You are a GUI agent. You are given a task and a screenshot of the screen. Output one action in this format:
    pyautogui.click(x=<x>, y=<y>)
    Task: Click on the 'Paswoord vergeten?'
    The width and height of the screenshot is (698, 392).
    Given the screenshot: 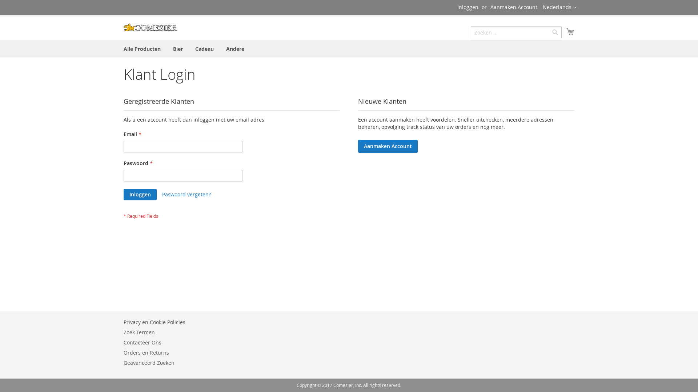 What is the action you would take?
    pyautogui.click(x=162, y=194)
    